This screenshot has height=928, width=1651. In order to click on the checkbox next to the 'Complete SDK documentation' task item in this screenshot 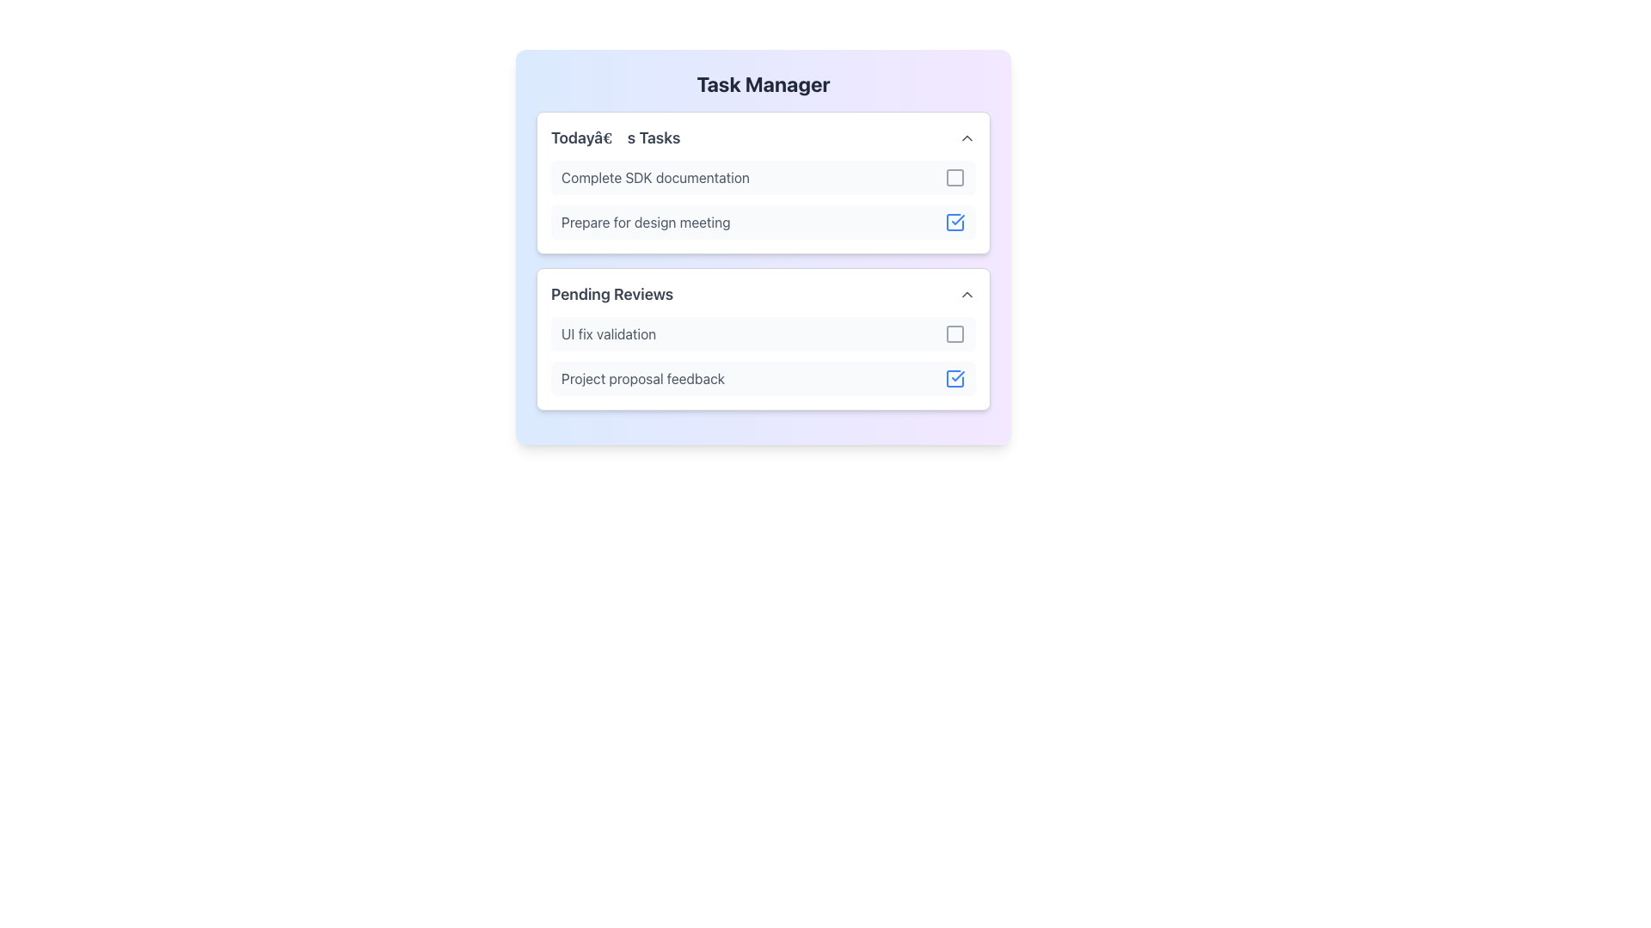, I will do `click(763, 178)`.